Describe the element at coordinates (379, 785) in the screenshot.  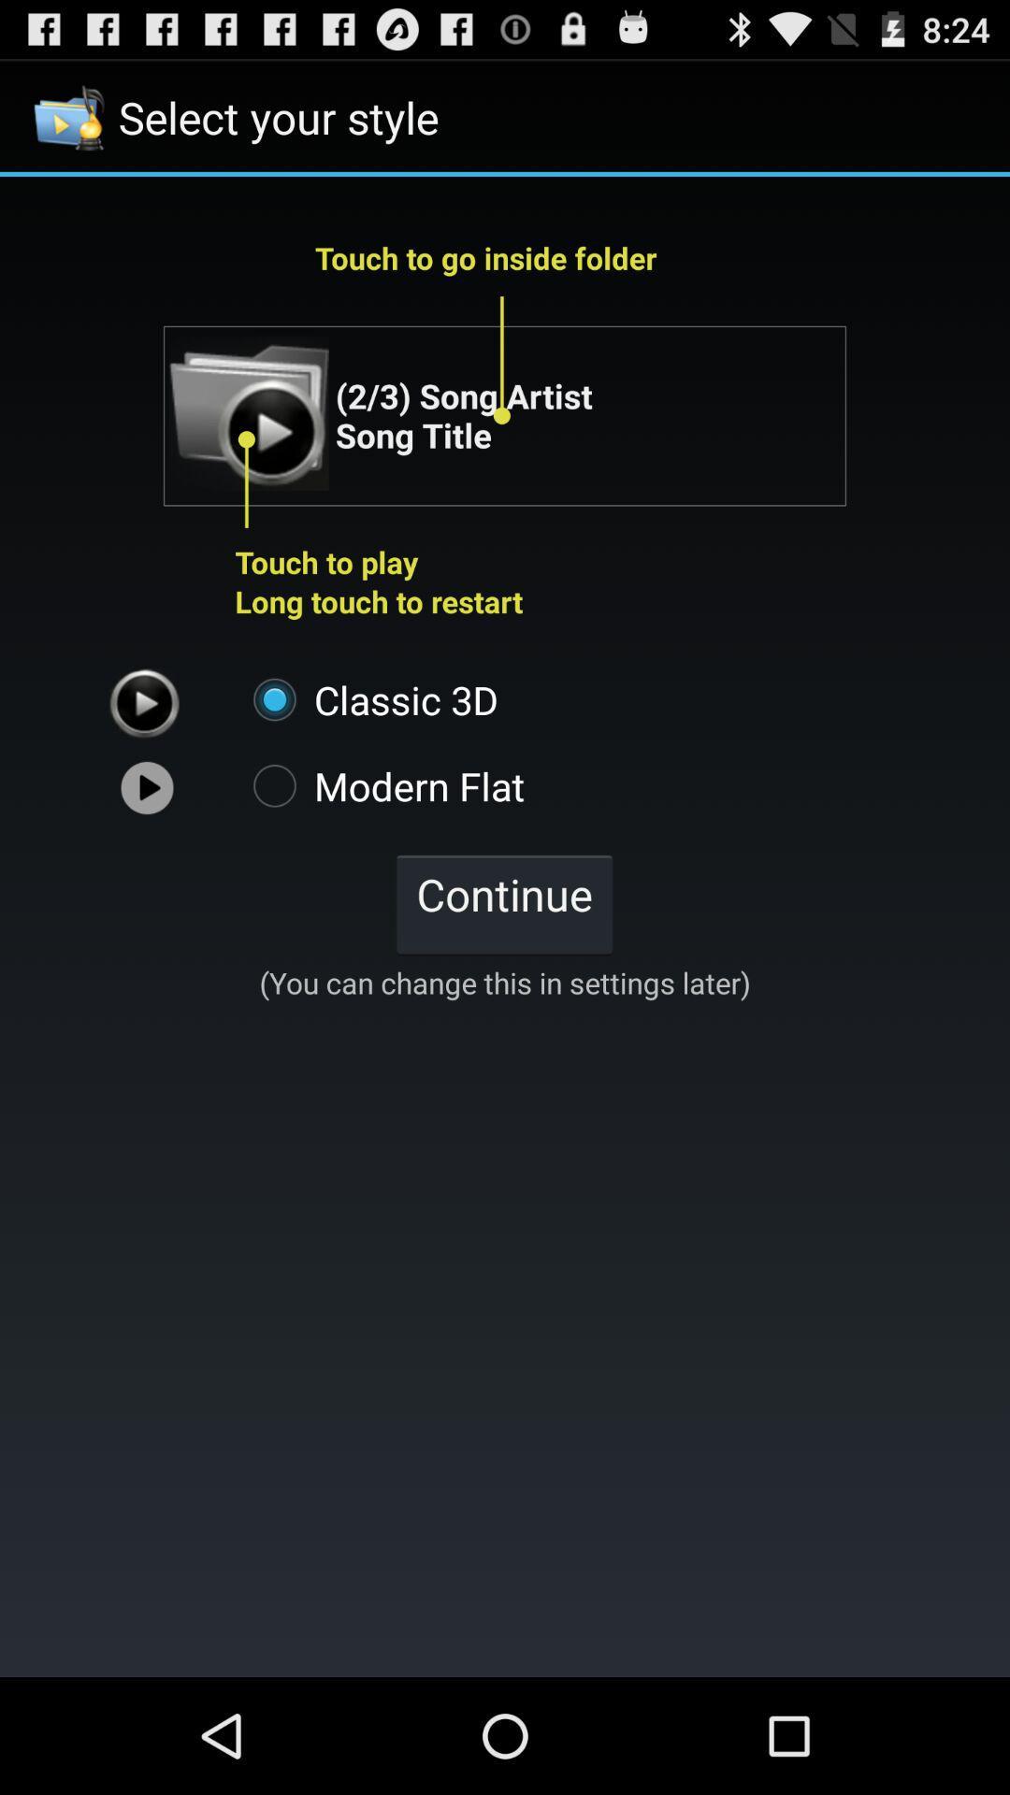
I see `modern flat` at that location.